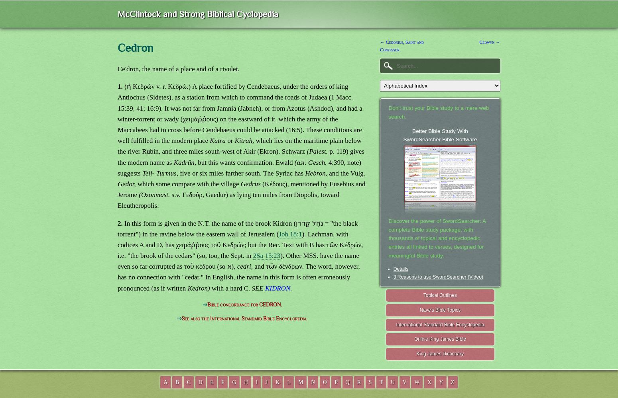  Describe the element at coordinates (239, 146) in the screenshot. I see `'which lies on the maritime plain below the river Rubin, and three miles south-west of Akir (Ekron). Schwarz'` at that location.